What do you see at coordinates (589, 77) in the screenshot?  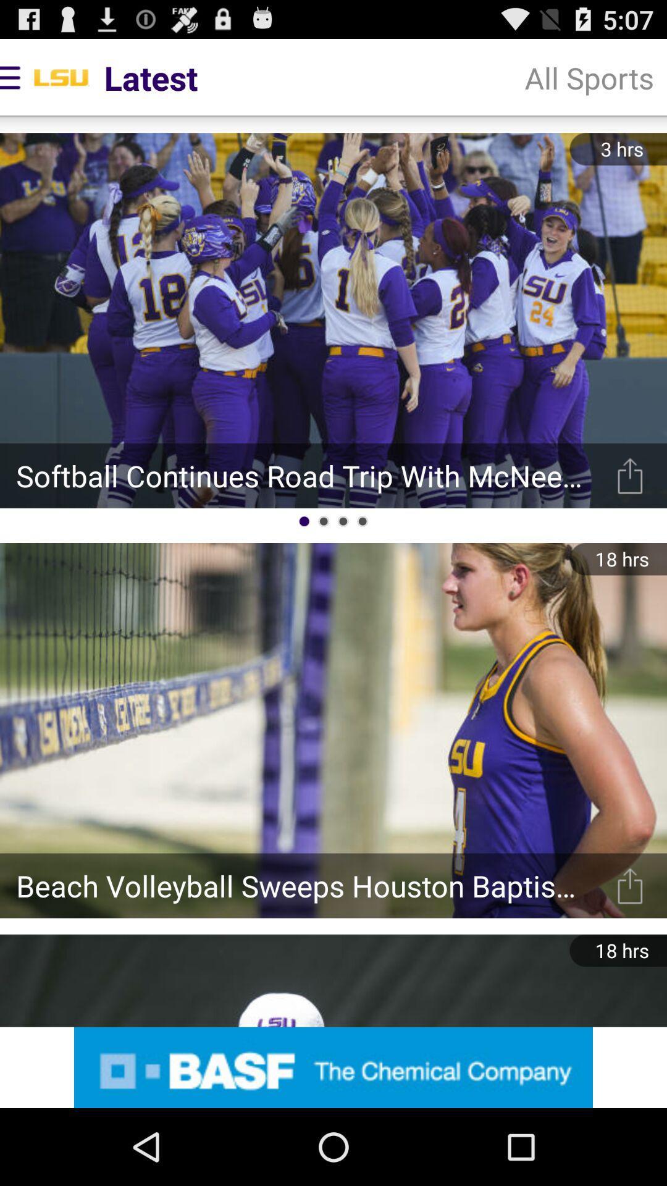 I see `the item to the right of latest app` at bounding box center [589, 77].